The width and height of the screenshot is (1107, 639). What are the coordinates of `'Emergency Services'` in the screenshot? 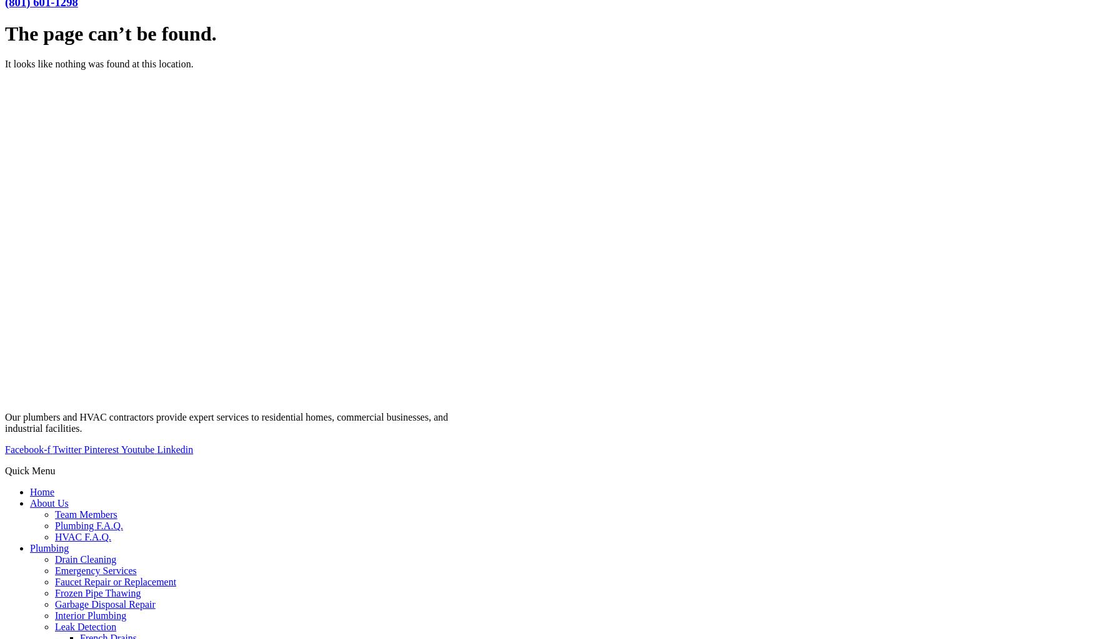 It's located at (95, 570).